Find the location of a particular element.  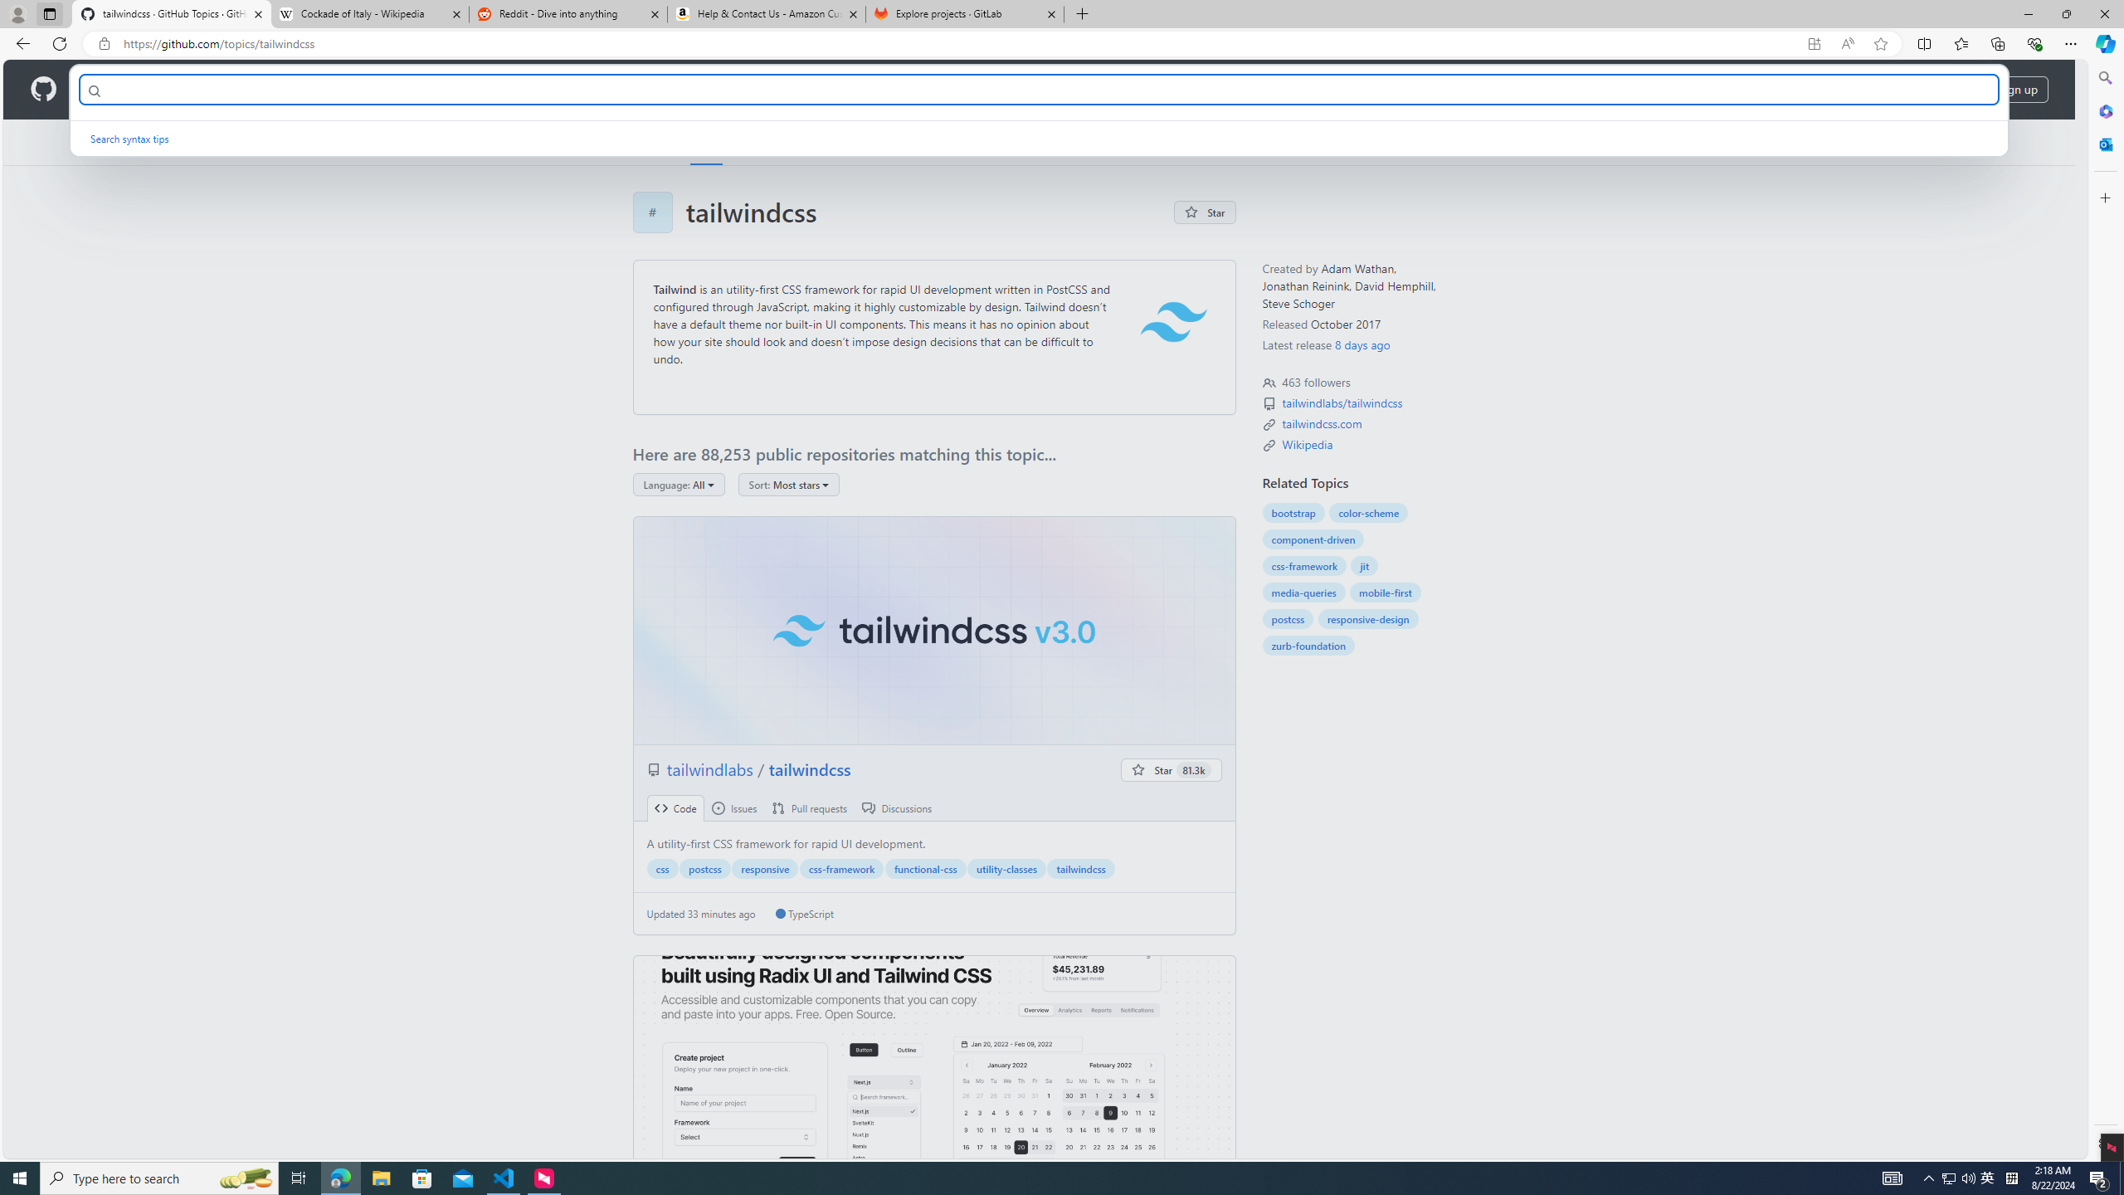

'tailwindlabs/tailwindcss' is located at coordinates (1342, 402).